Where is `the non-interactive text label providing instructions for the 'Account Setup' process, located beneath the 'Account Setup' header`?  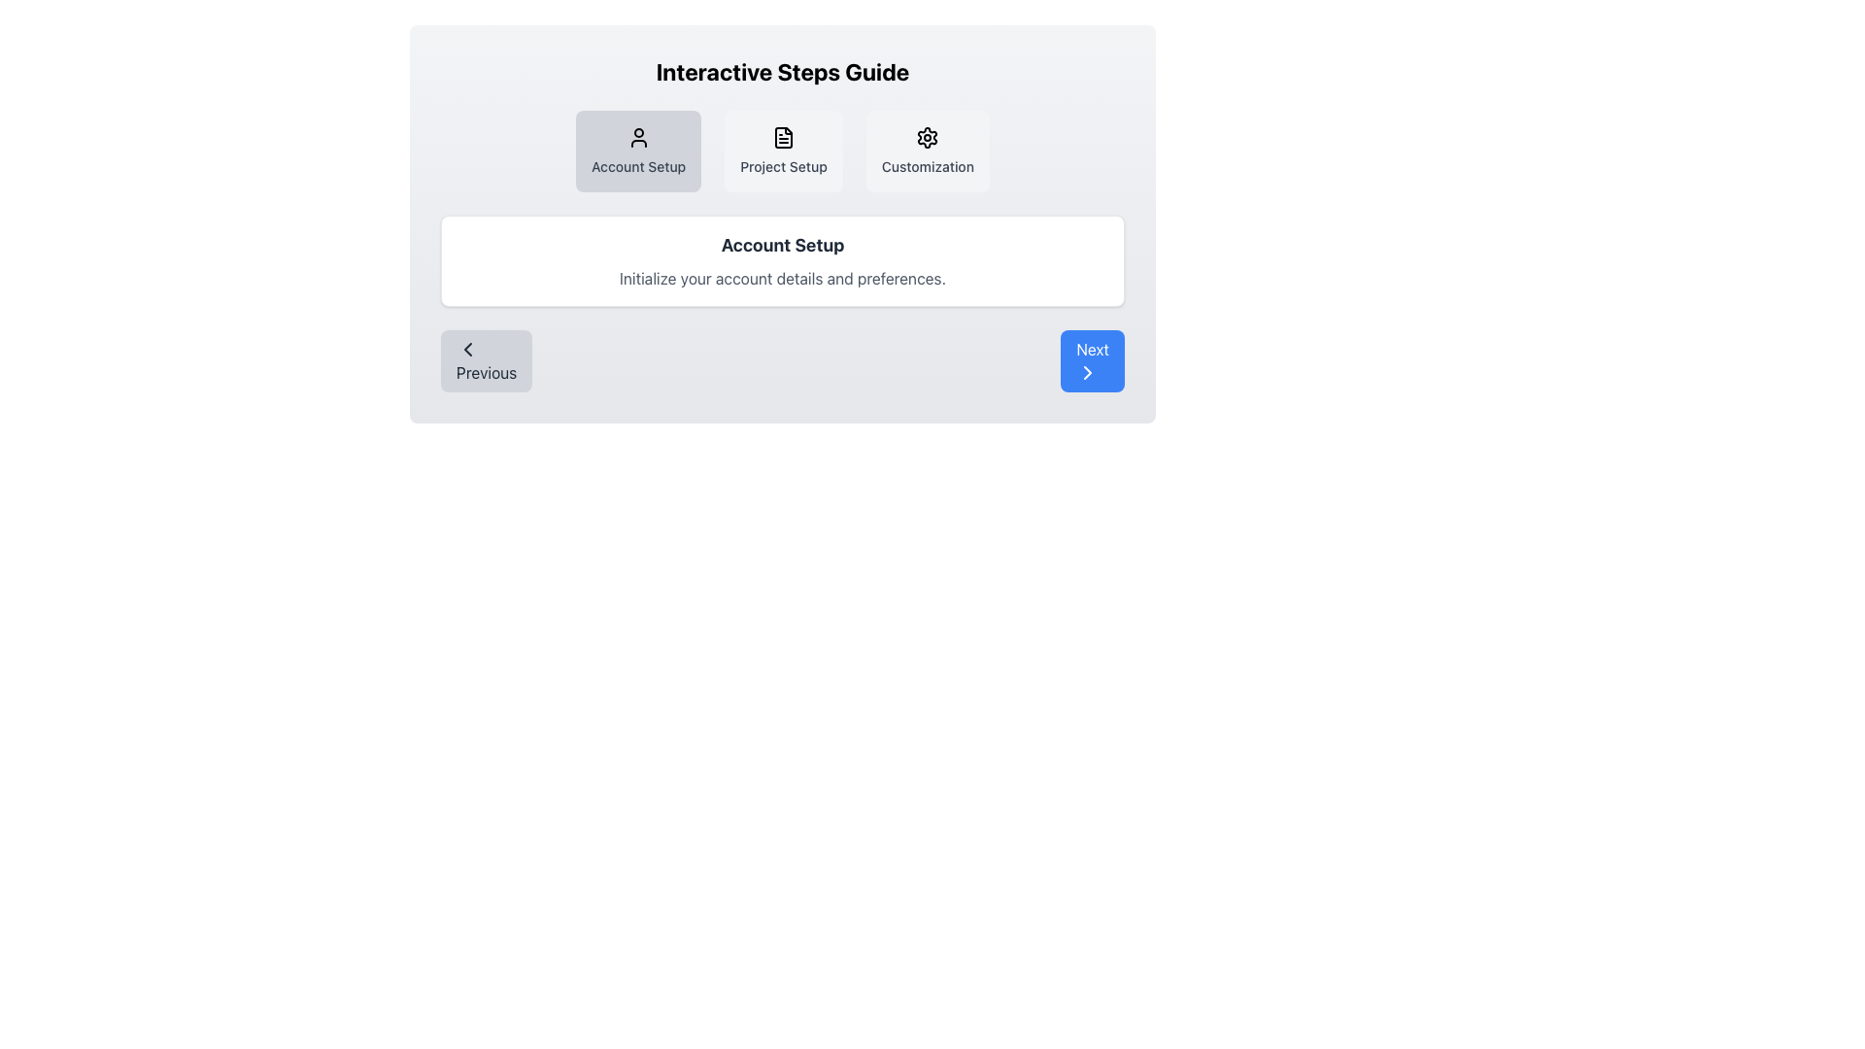
the non-interactive text label providing instructions for the 'Account Setup' process, located beneath the 'Account Setup' header is located at coordinates (783, 278).